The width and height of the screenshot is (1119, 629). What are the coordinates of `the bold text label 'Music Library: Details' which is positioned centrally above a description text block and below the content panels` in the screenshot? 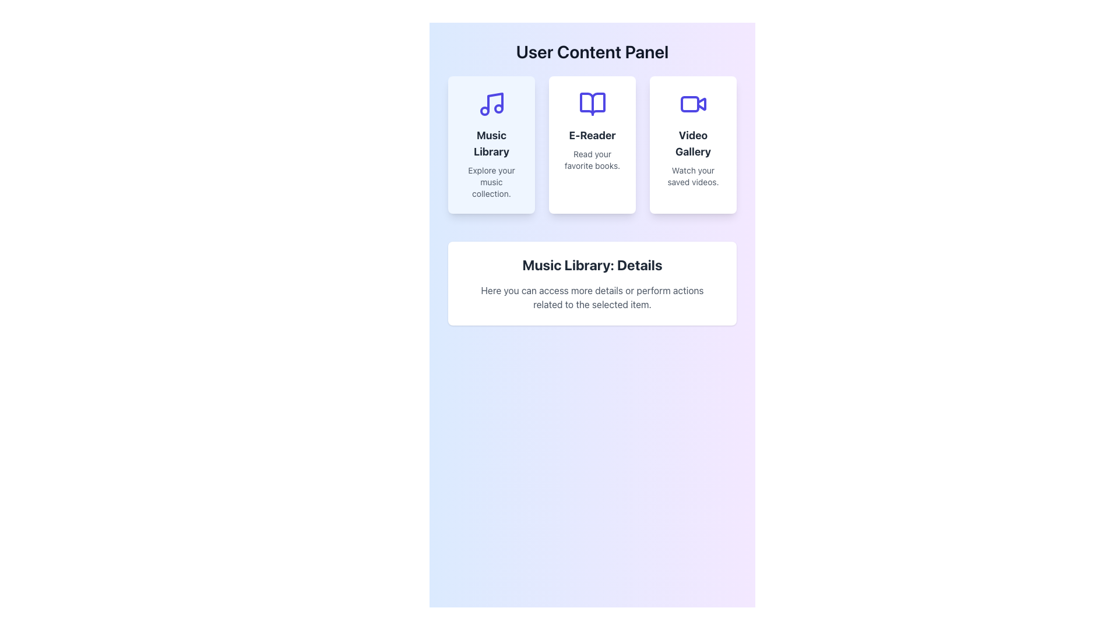 It's located at (592, 265).